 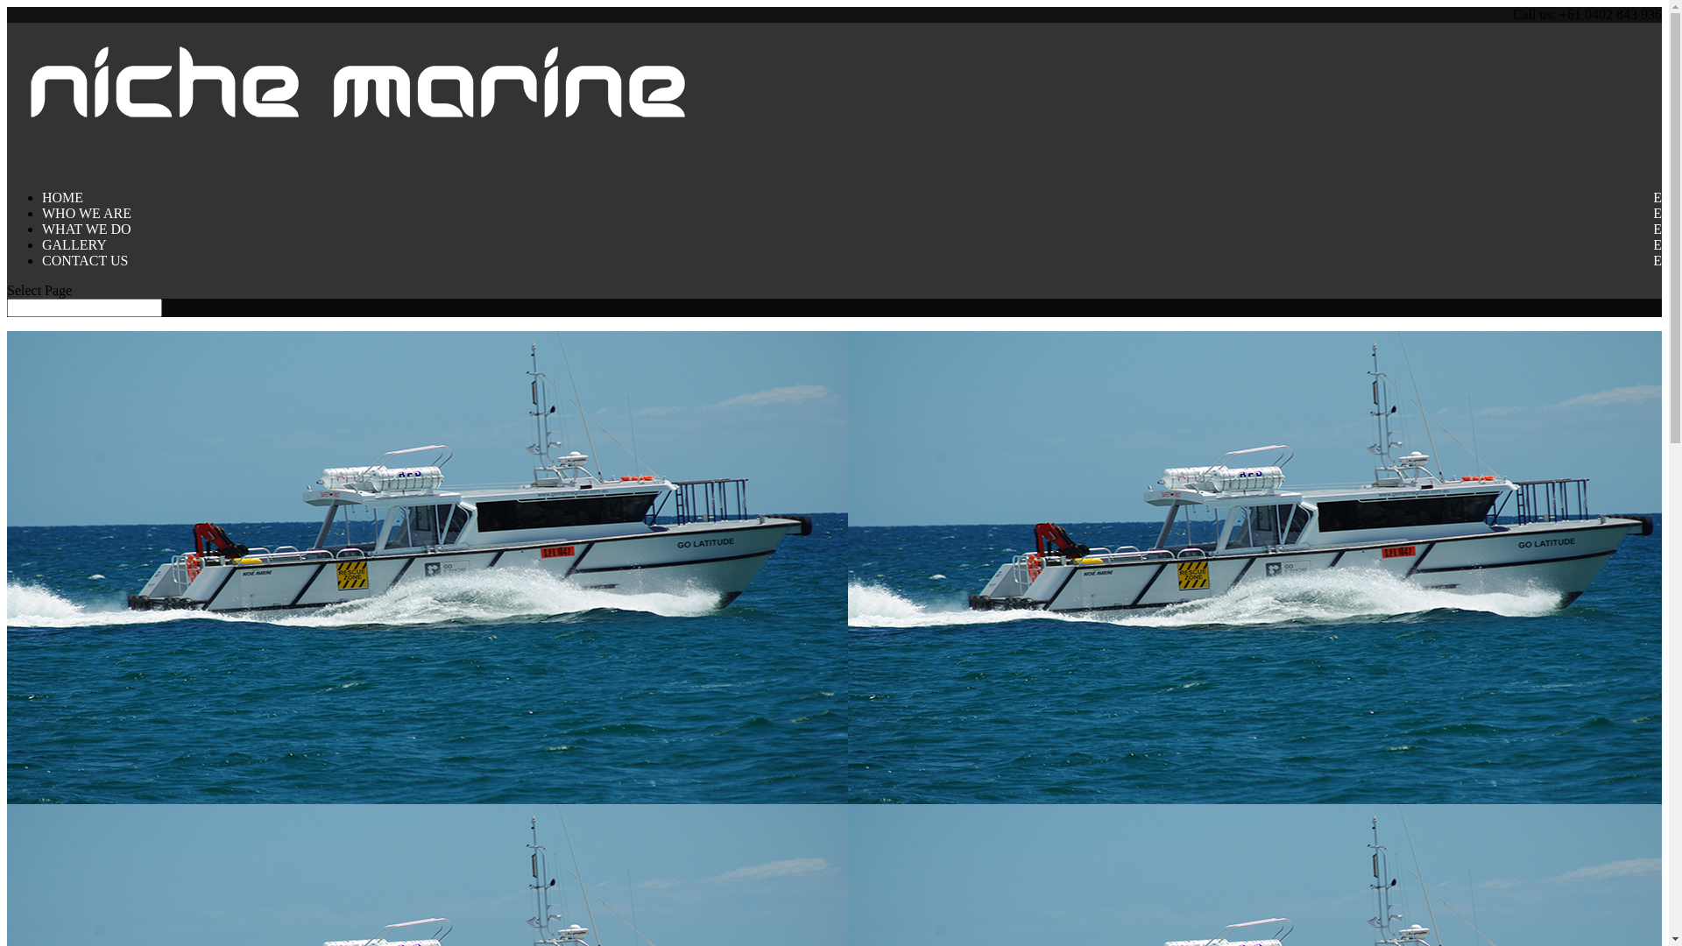 What do you see at coordinates (86, 225) in the screenshot?
I see `'WHO WE ARE'` at bounding box center [86, 225].